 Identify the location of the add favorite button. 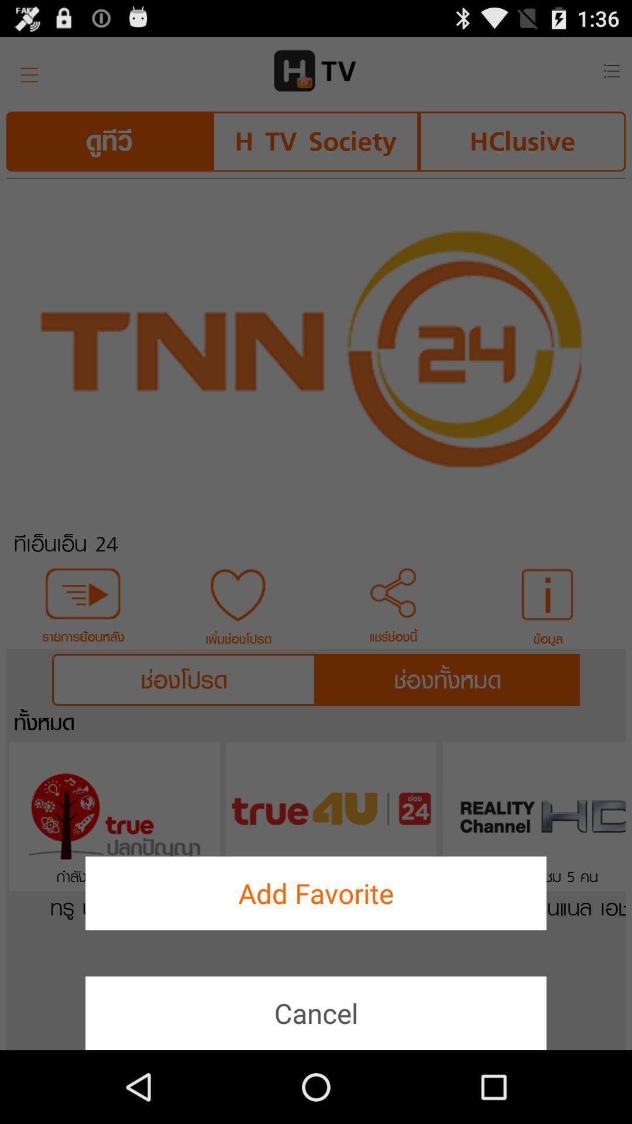
(316, 893).